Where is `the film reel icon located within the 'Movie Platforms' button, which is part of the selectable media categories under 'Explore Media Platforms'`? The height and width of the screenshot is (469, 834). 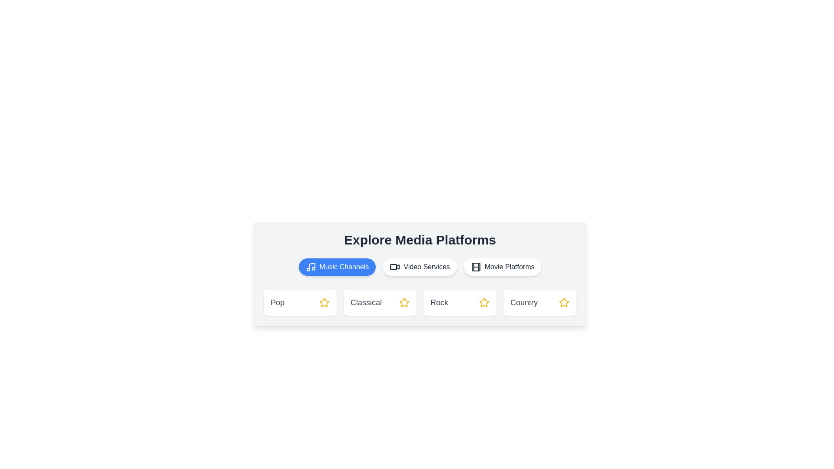 the film reel icon located within the 'Movie Platforms' button, which is part of the selectable media categories under 'Explore Media Platforms' is located at coordinates (475, 266).